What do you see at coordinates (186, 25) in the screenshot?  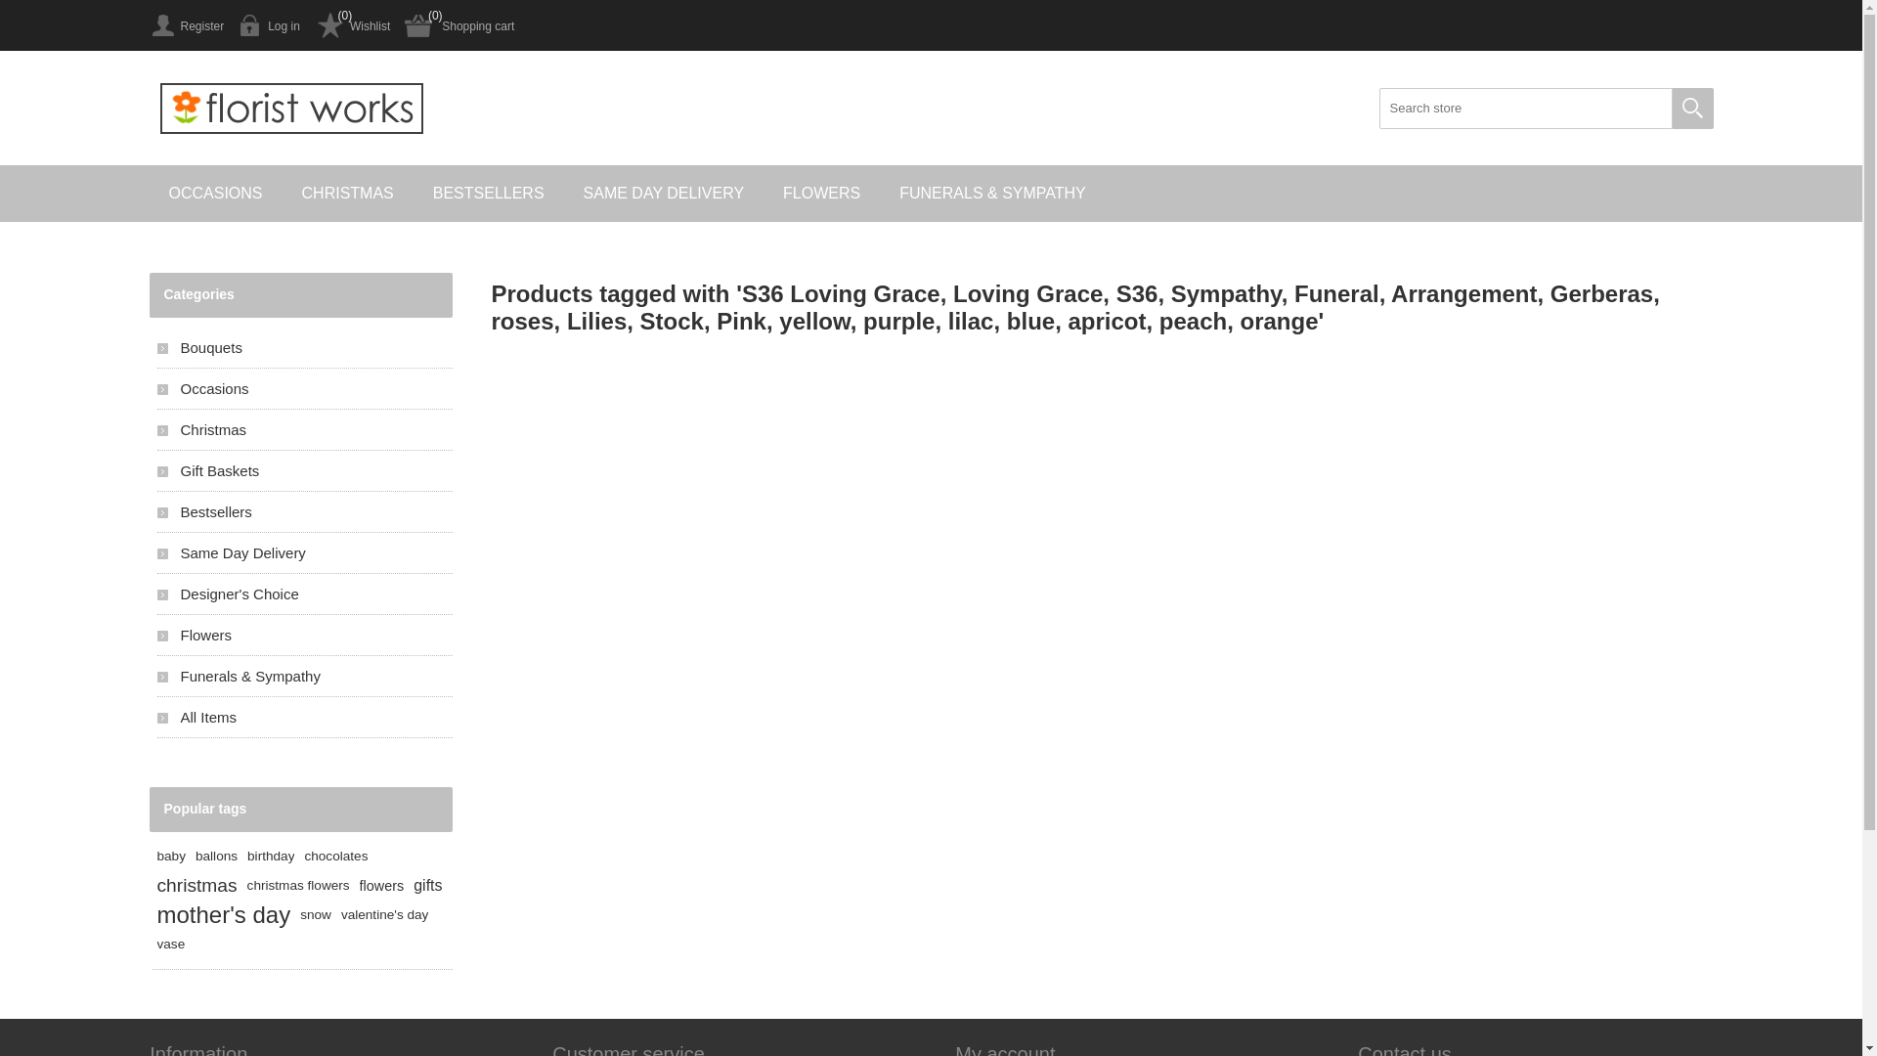 I see `'Register'` at bounding box center [186, 25].